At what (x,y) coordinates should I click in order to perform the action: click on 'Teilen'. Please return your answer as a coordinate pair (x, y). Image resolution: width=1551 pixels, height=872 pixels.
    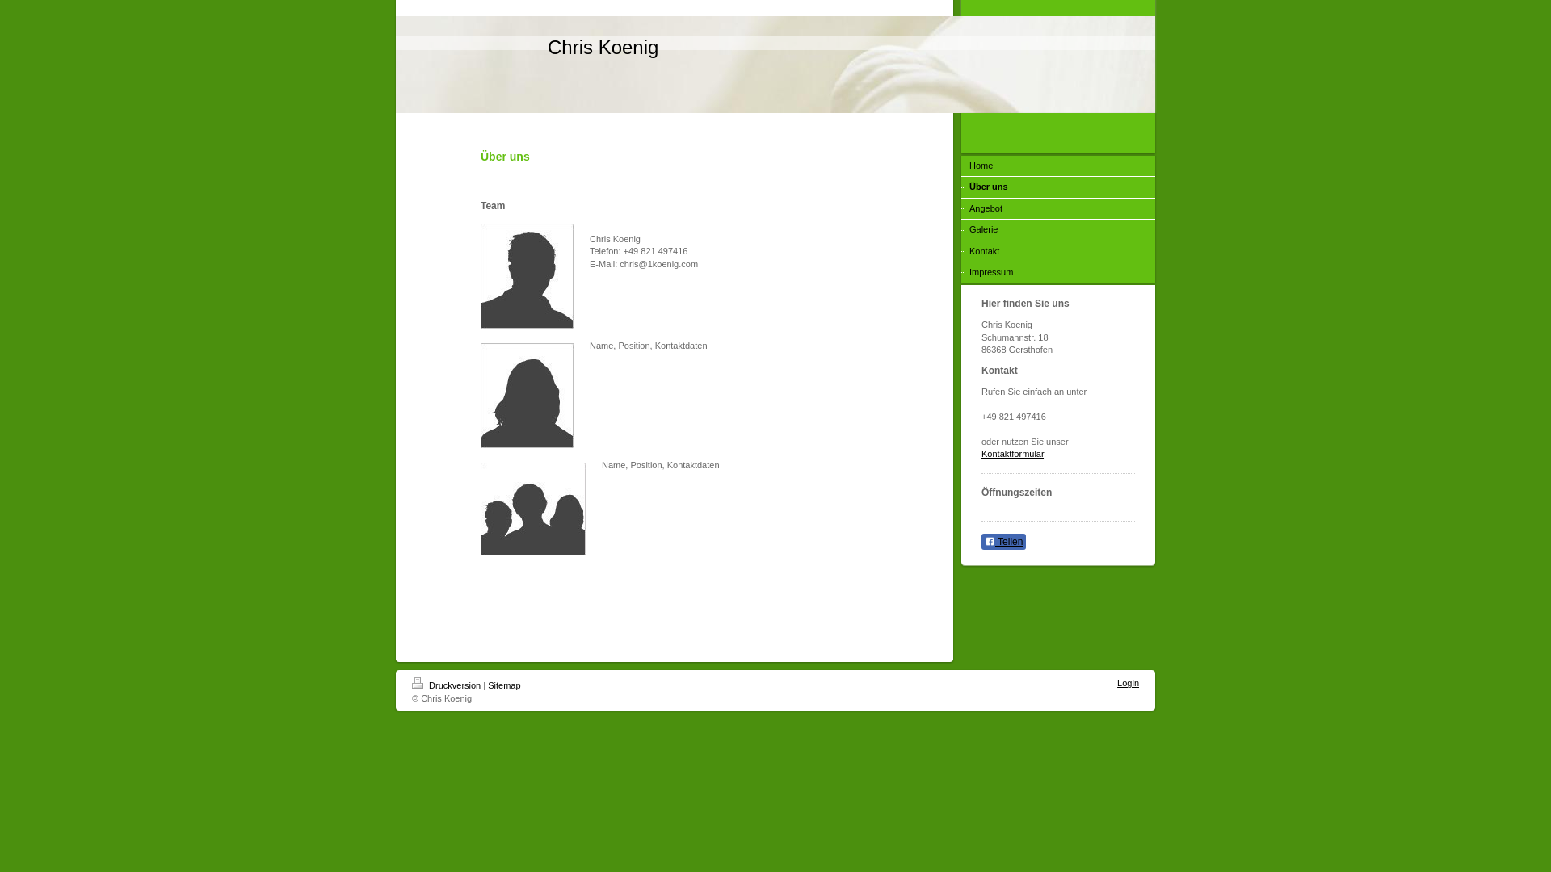
    Looking at the image, I should click on (980, 541).